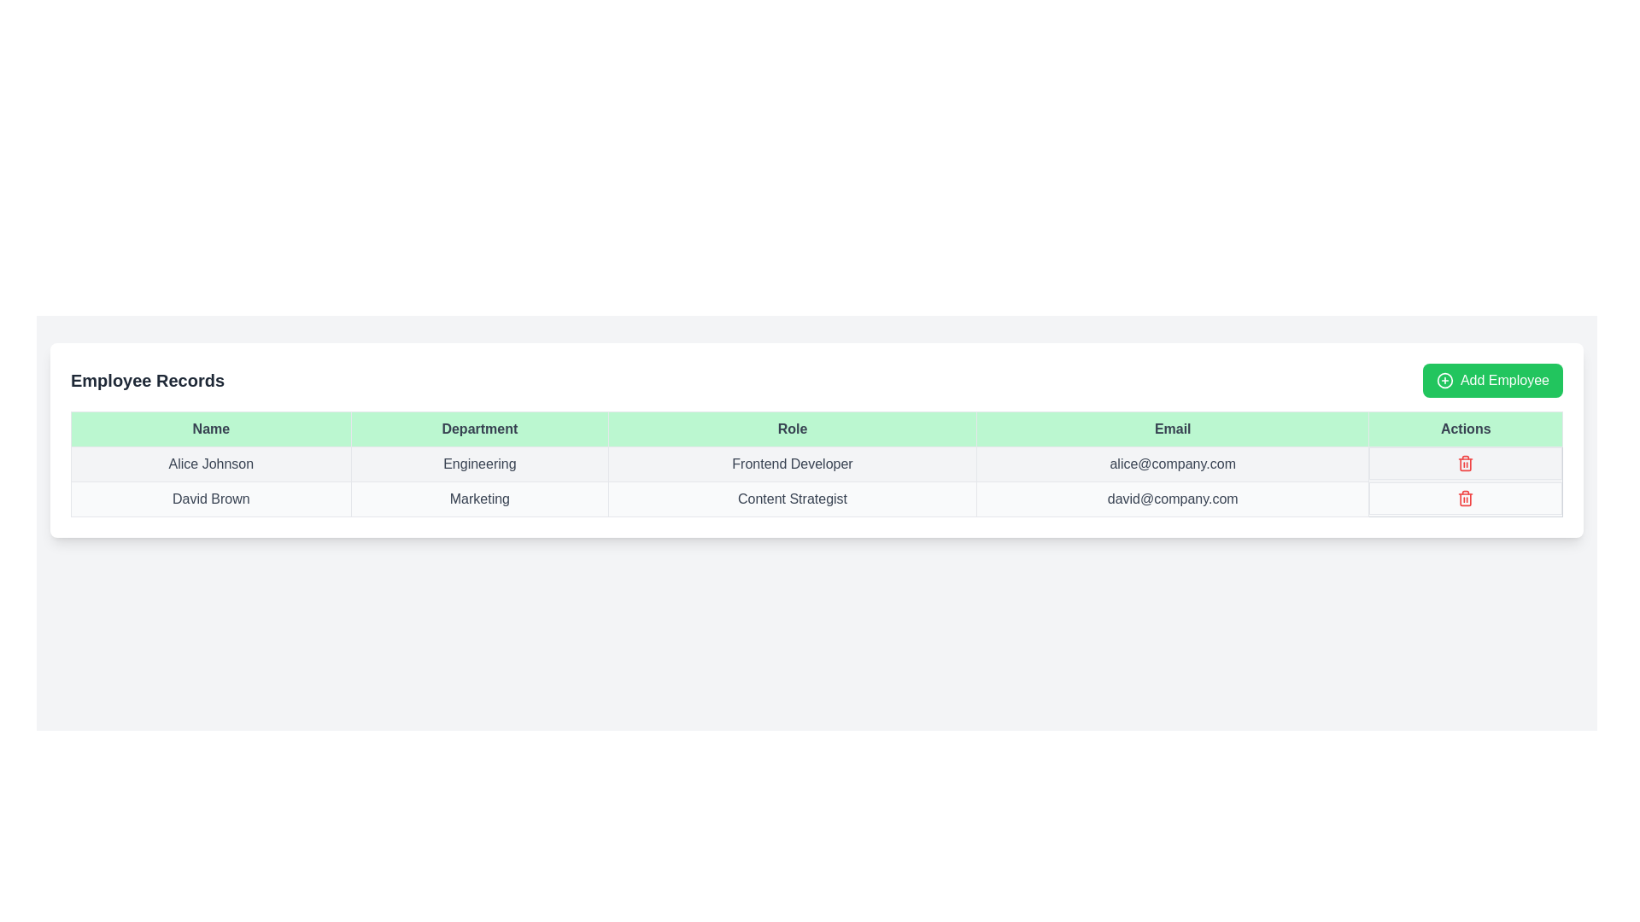  I want to click on the red trash bin icon in the 'Actions' column, so click(1465, 464).